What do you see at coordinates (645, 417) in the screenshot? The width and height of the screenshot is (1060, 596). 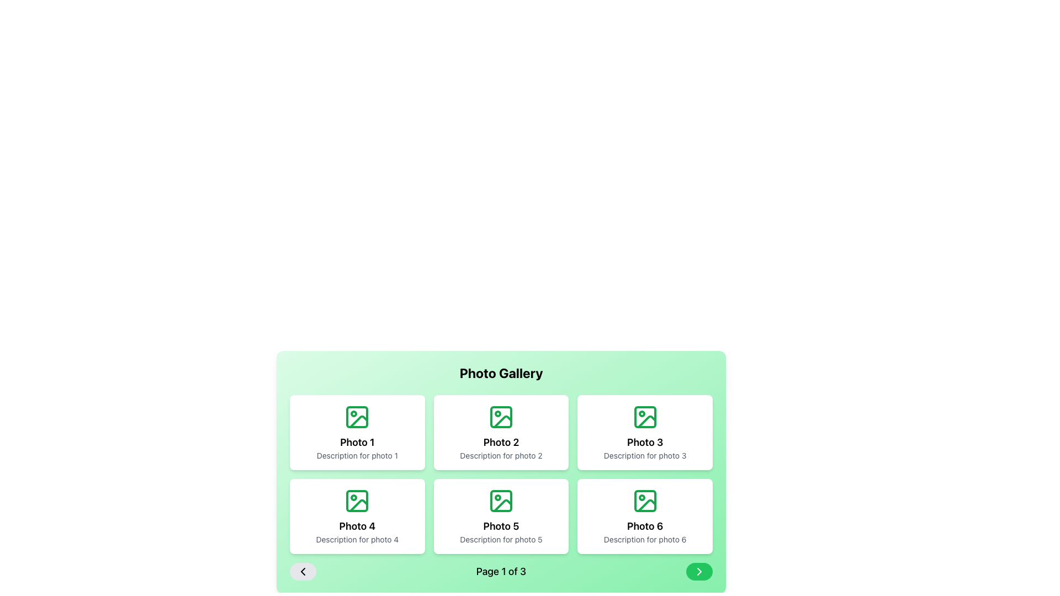 I see `the decorative background rectangle within the 'Photo 3' icon in the top row of the photo gallery` at bounding box center [645, 417].